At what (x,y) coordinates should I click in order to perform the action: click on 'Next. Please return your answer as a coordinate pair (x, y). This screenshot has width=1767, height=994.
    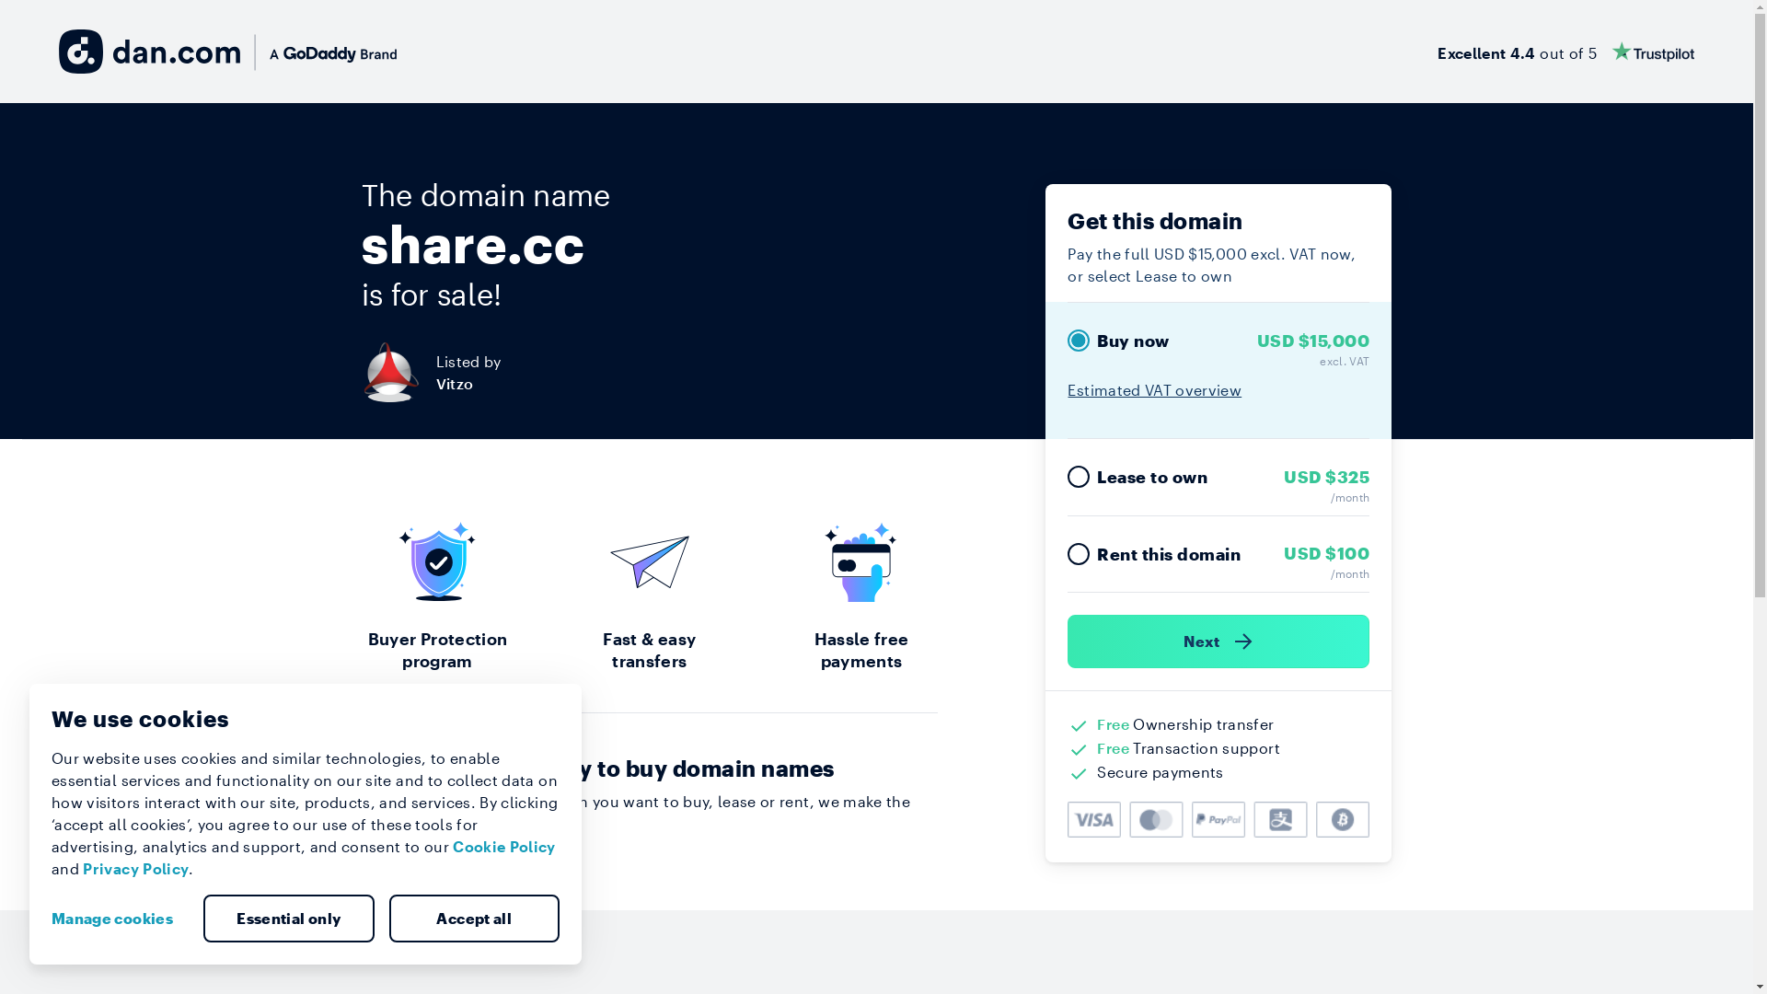
    Looking at the image, I should click on (1218, 641).